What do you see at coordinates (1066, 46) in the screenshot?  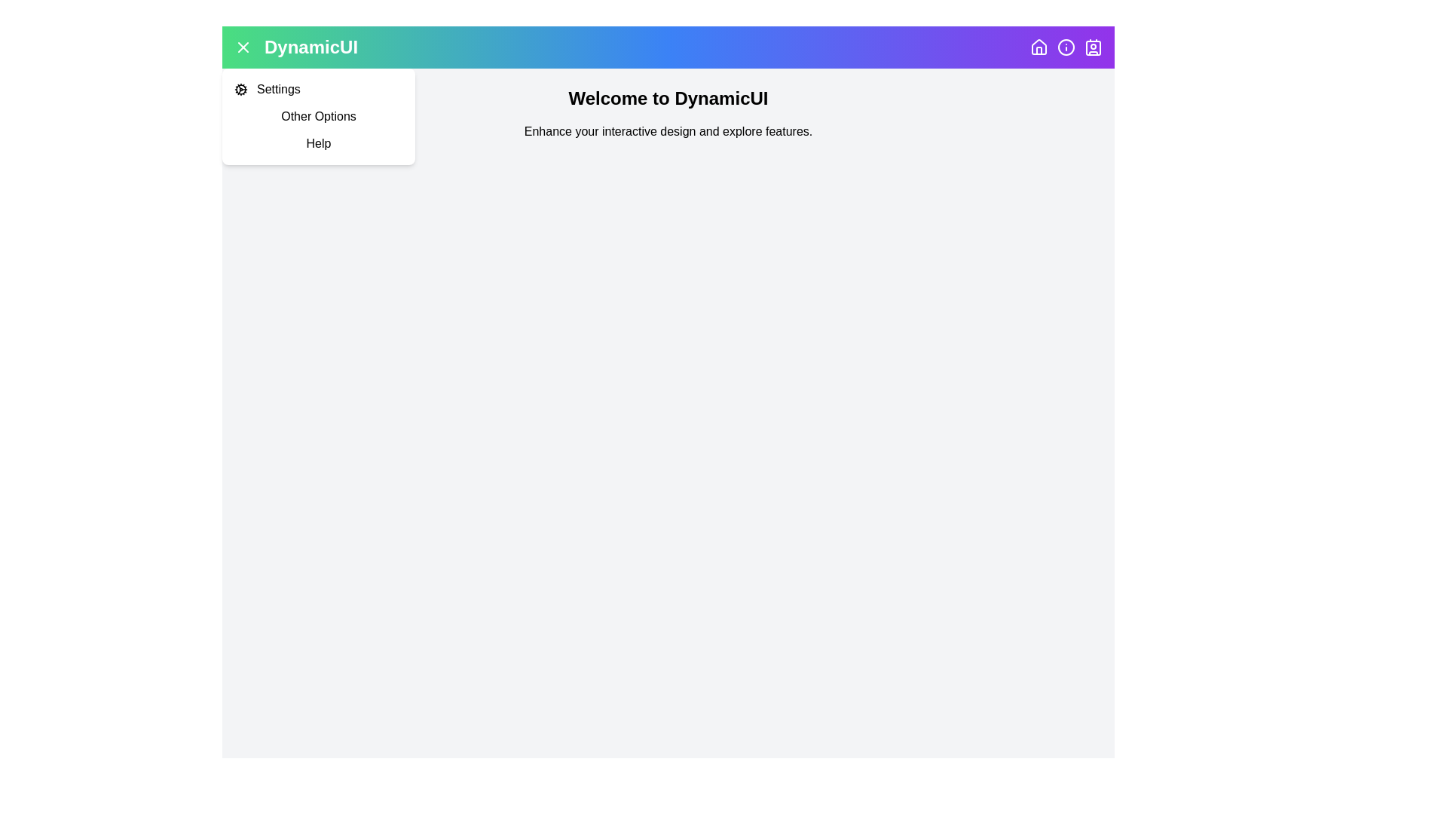 I see `the circular icon button located in the top-right corner of the interface` at bounding box center [1066, 46].